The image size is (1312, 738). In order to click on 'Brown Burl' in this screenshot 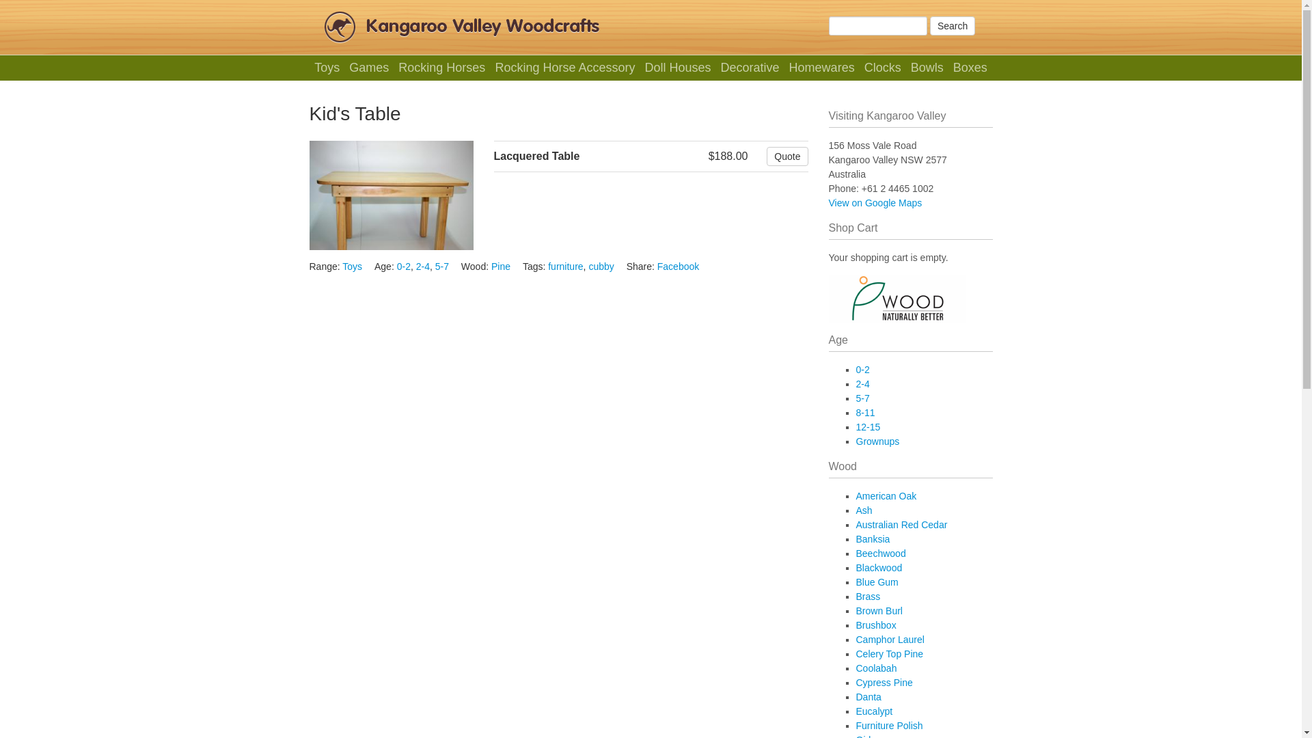, I will do `click(879, 610)`.